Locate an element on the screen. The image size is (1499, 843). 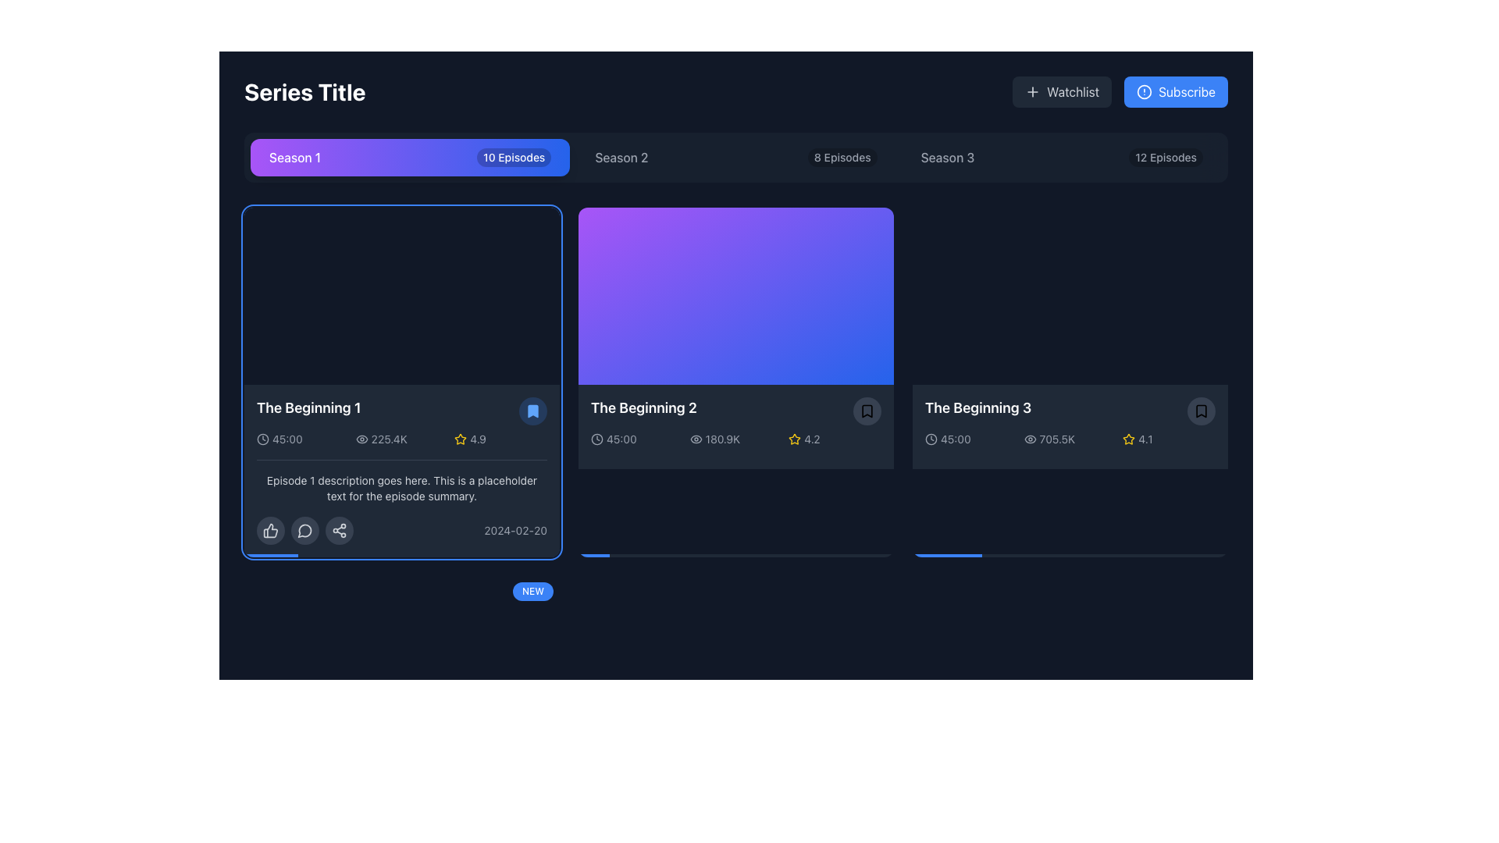
the 'Season 2' button located in the upper navigation bar is located at coordinates (735, 157).